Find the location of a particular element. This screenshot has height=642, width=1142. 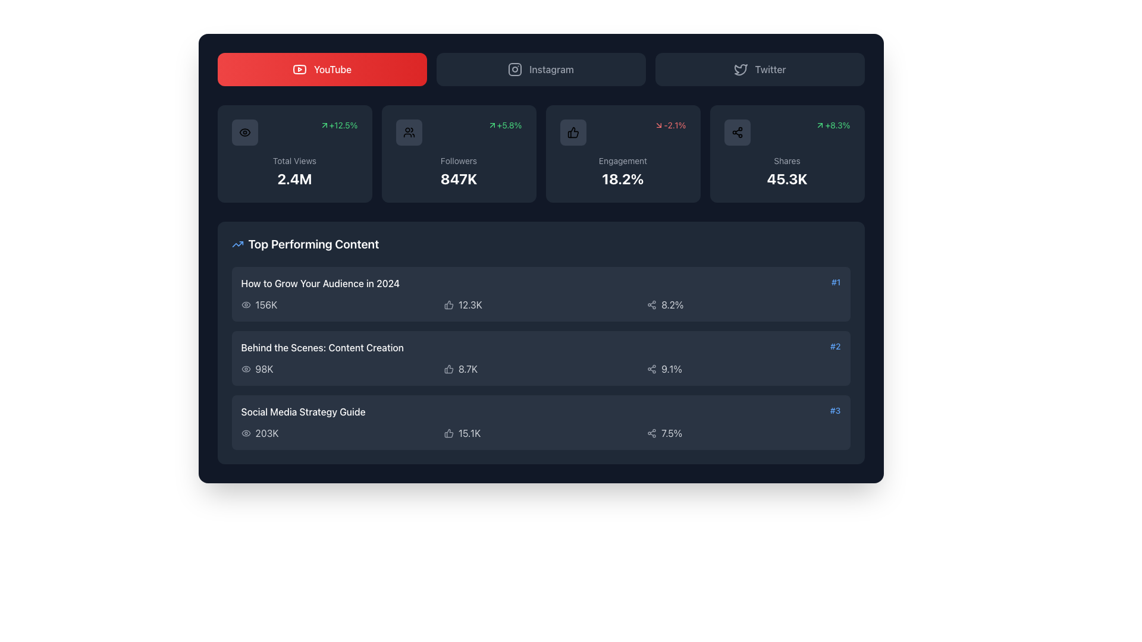

the 'thumbs-up' icon representing engagement or approval metrics located on the third row of the 'Top Performing Content' list is located at coordinates (448, 433).